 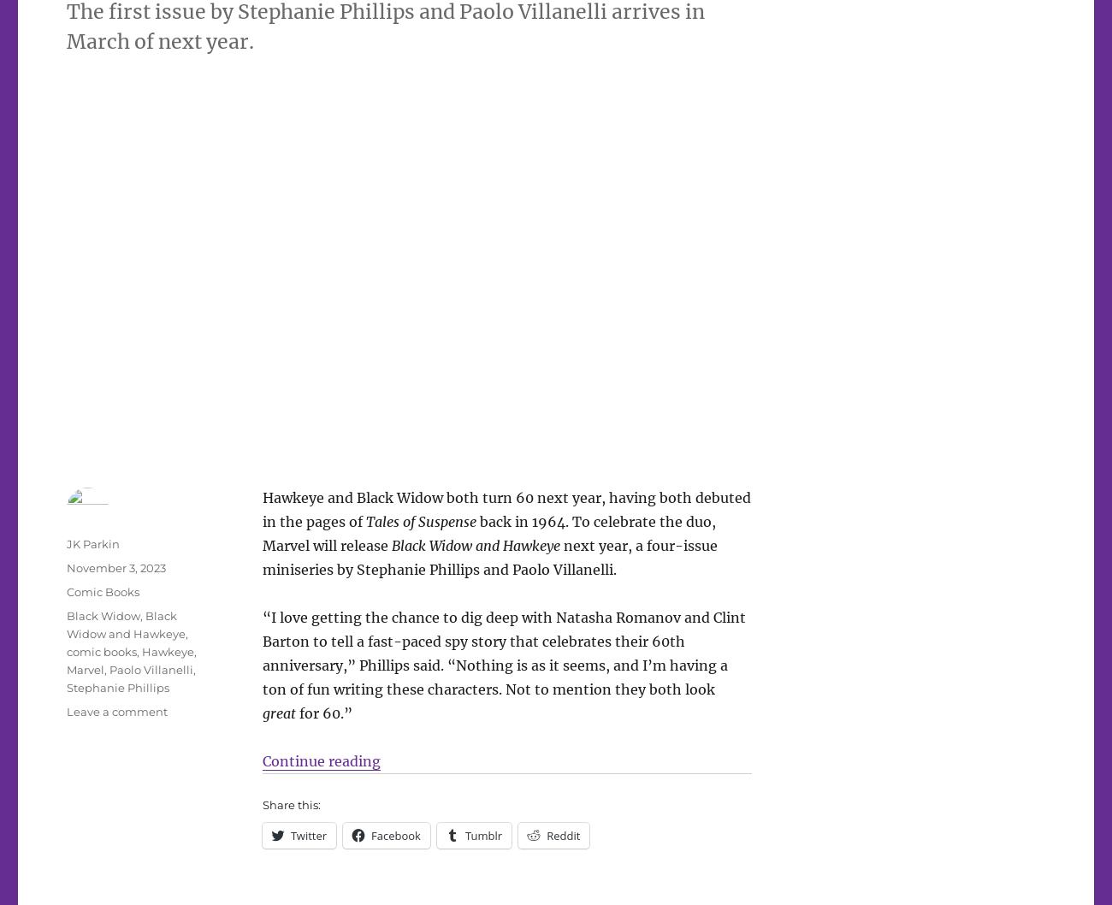 I want to click on 'great', so click(x=278, y=713).